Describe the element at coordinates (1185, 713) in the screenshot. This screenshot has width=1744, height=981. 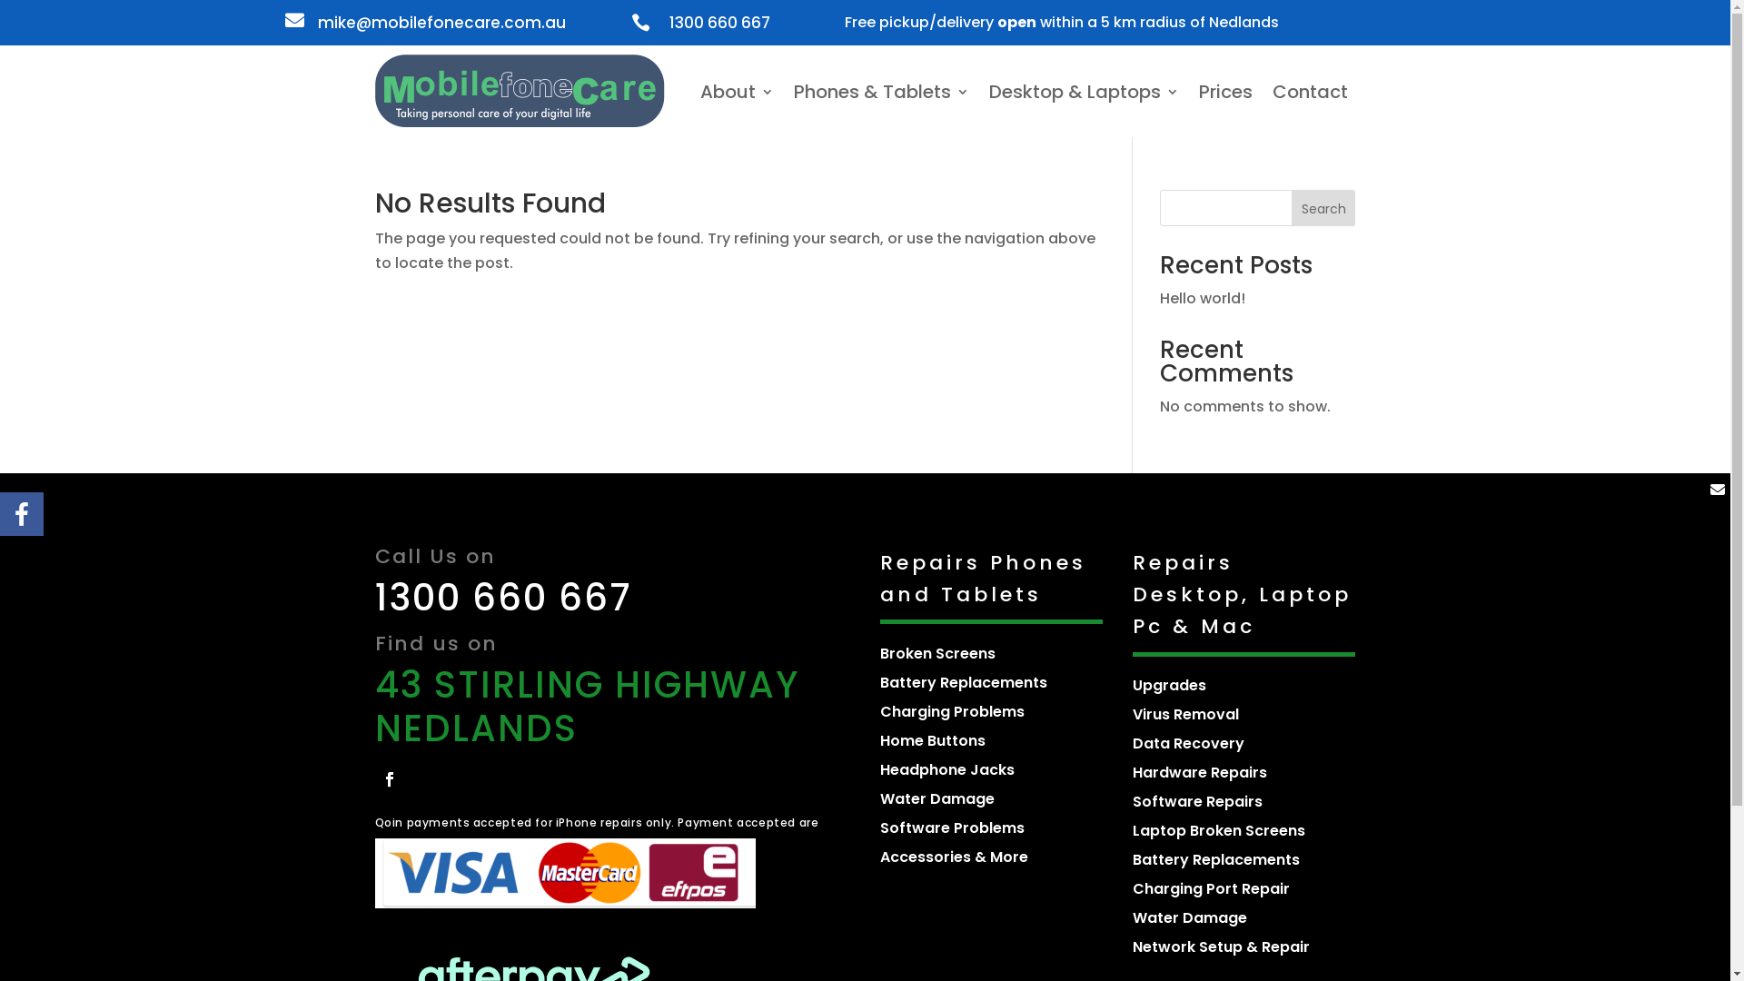
I see `'Virus Removal'` at that location.